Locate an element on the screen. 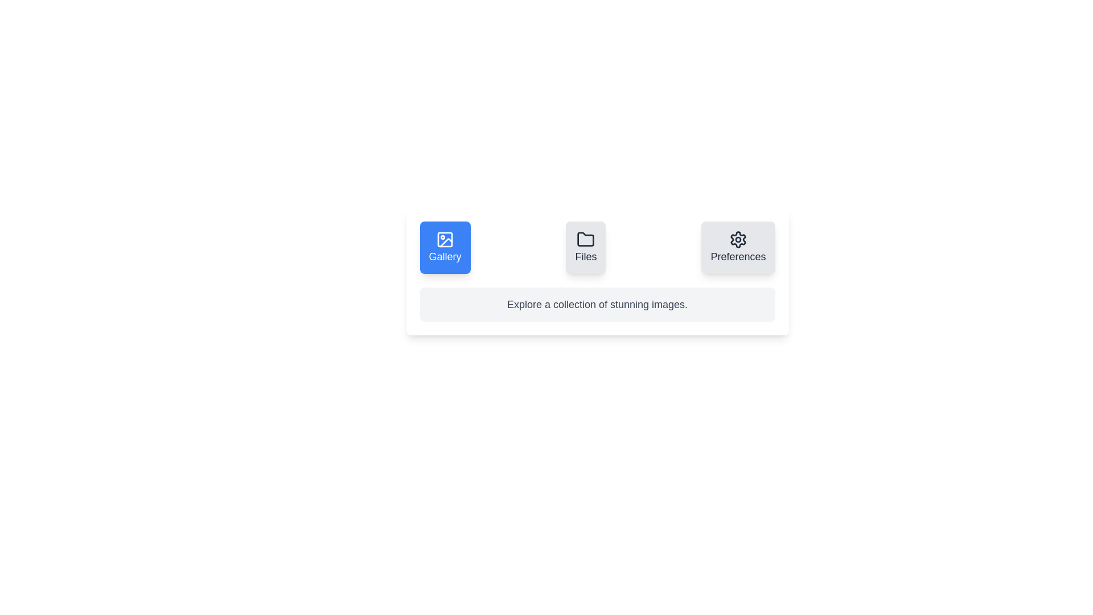 The width and height of the screenshot is (1093, 615). the Preferences tab is located at coordinates (738, 247).